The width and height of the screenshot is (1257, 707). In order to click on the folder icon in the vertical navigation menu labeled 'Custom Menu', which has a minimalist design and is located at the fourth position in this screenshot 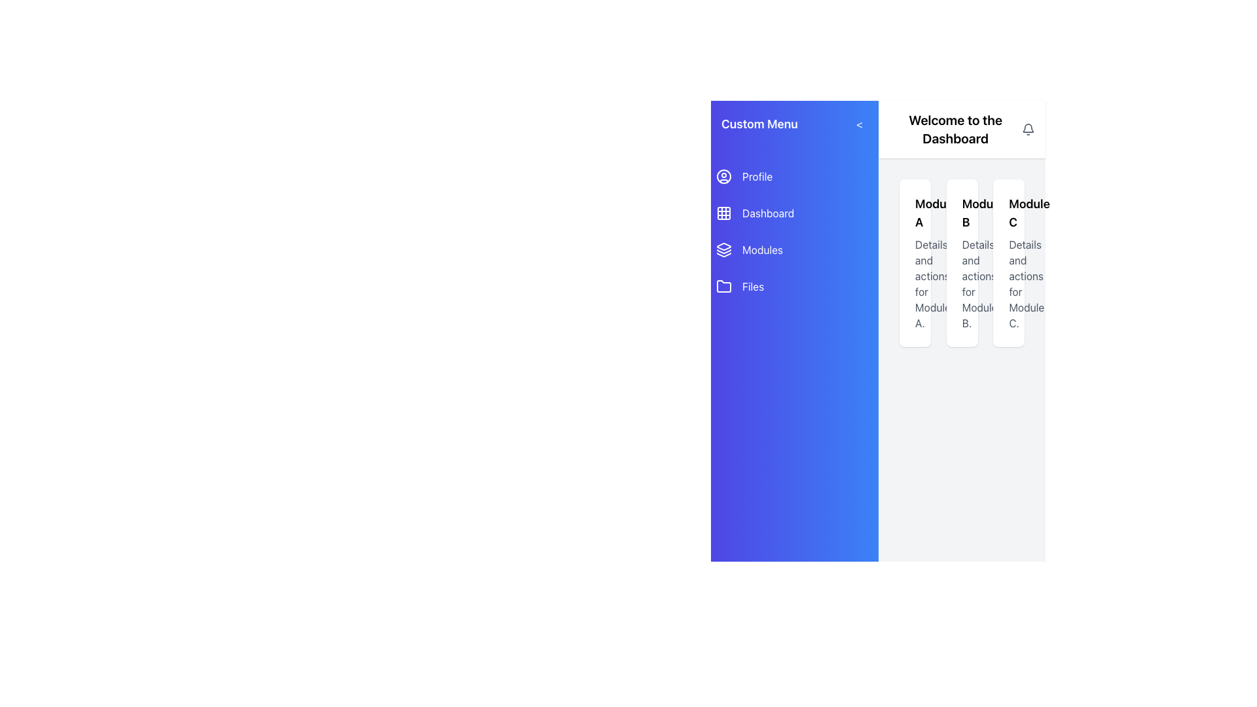, I will do `click(723, 285)`.